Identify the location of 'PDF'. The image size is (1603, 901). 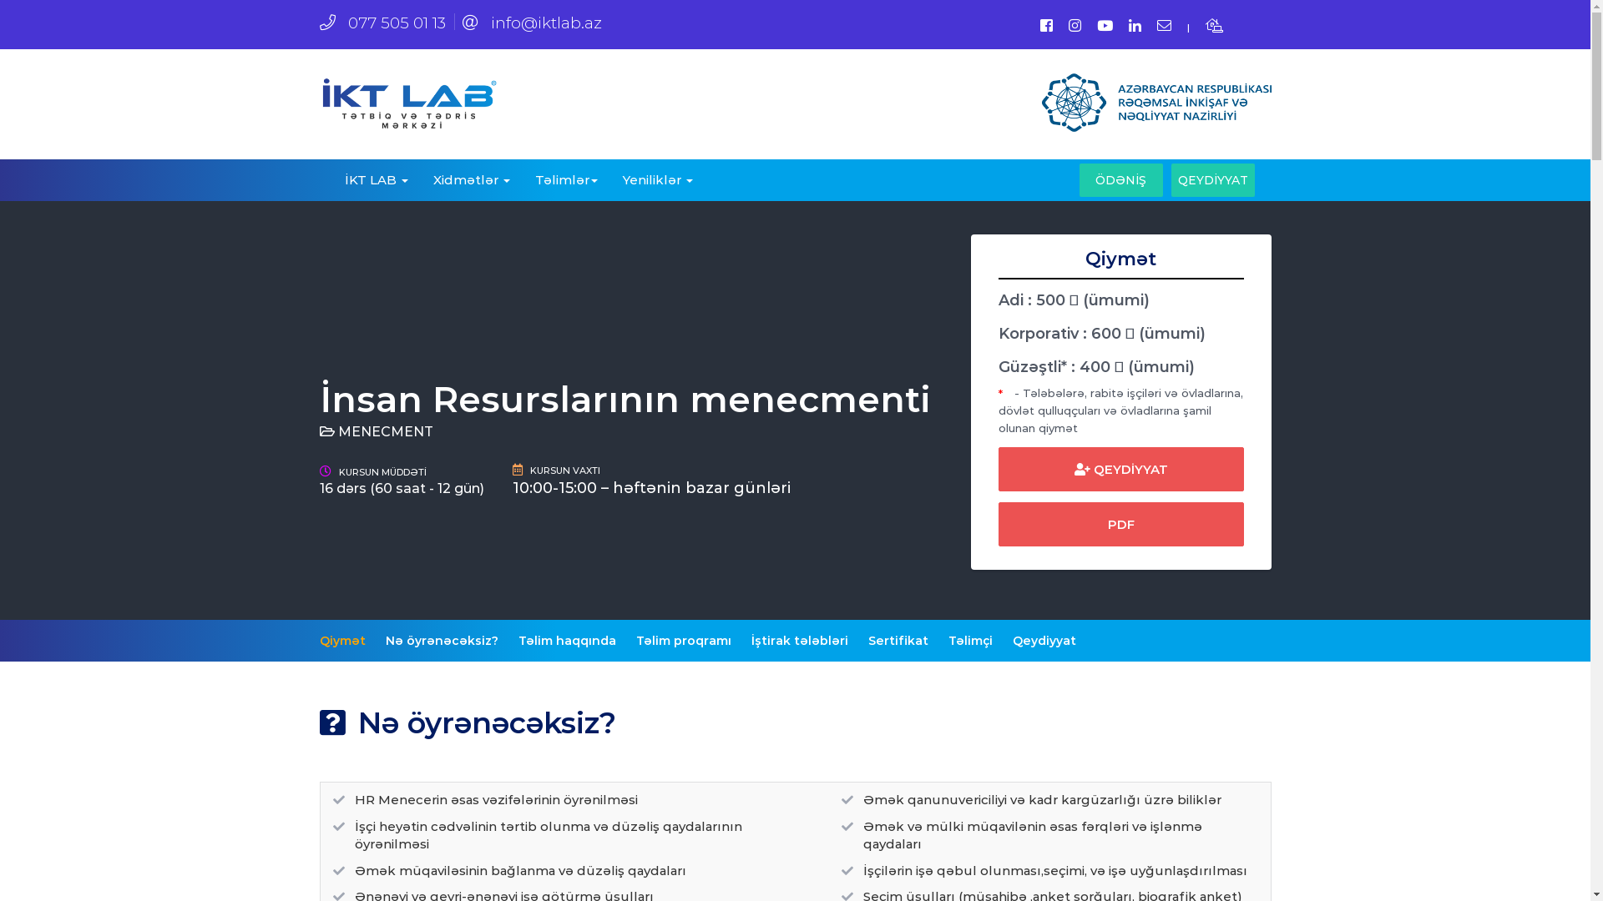
(1121, 523).